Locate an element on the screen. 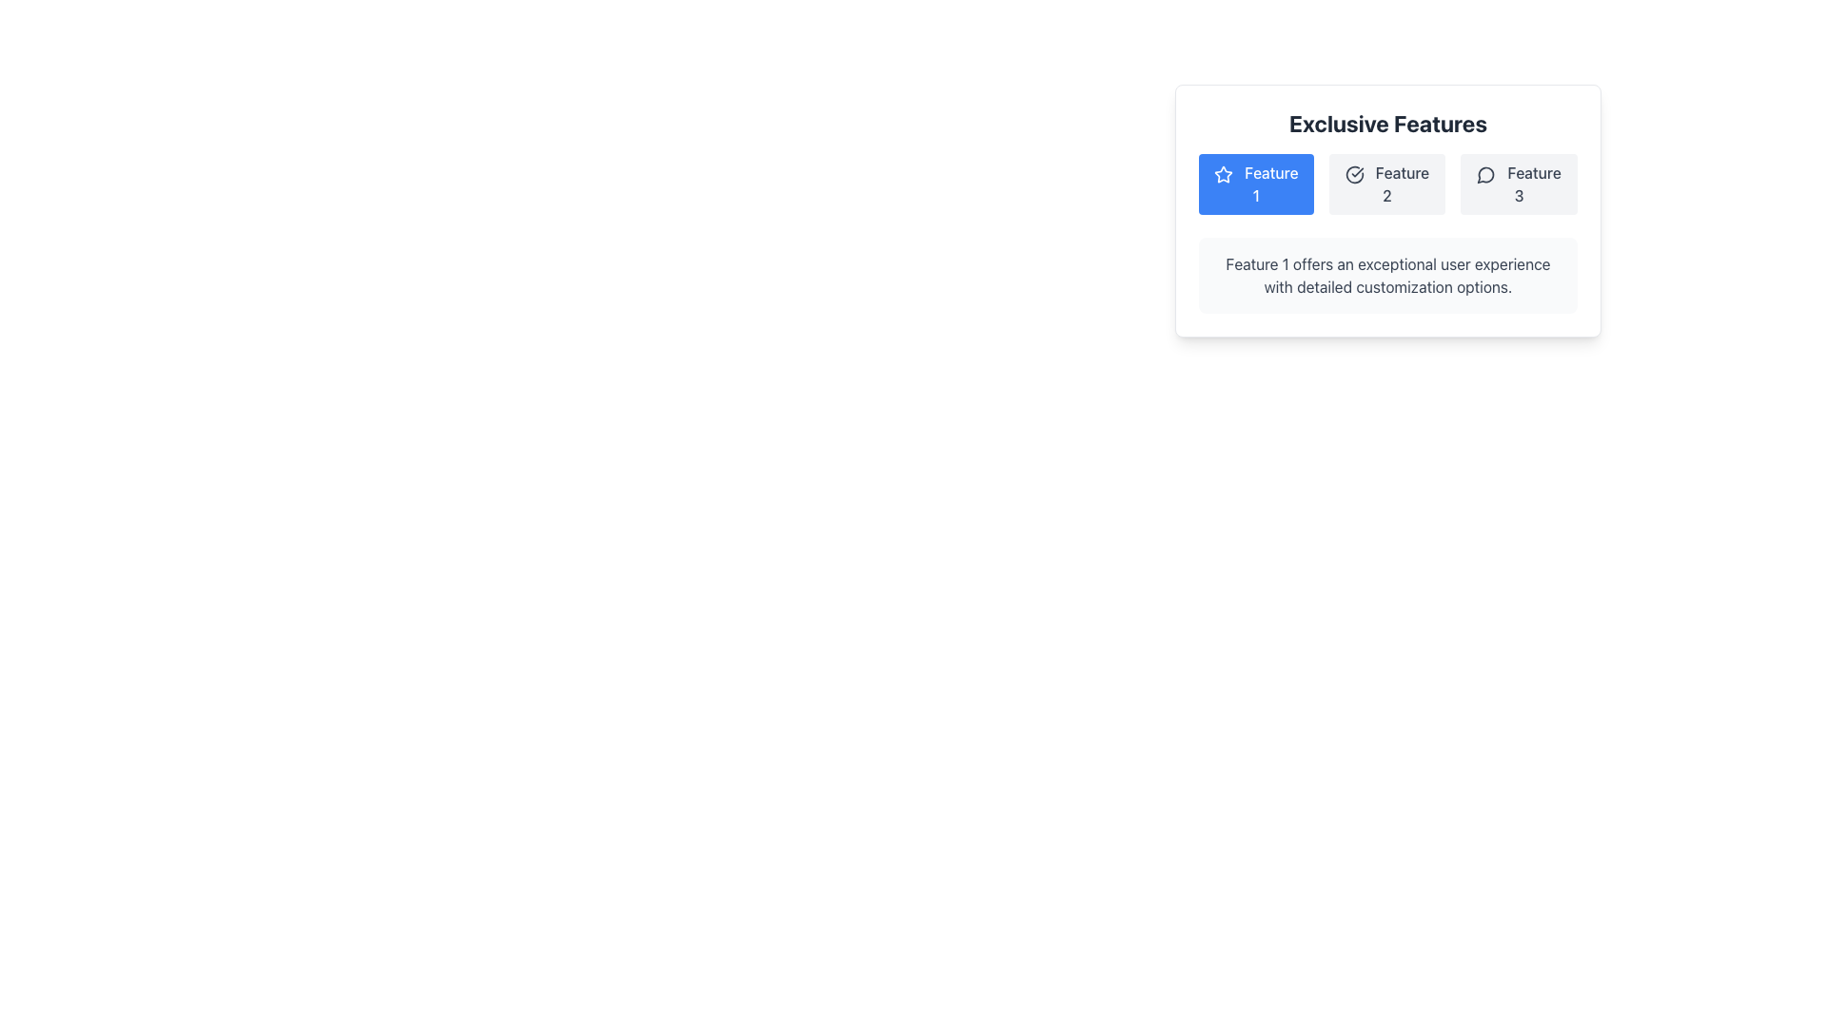 The height and width of the screenshot is (1027, 1827). the visual indicator icon for the 'Feature 1' button, located to the left of the text 'Feature 1' within the 'Exclusive Features' section is located at coordinates (1223, 173).